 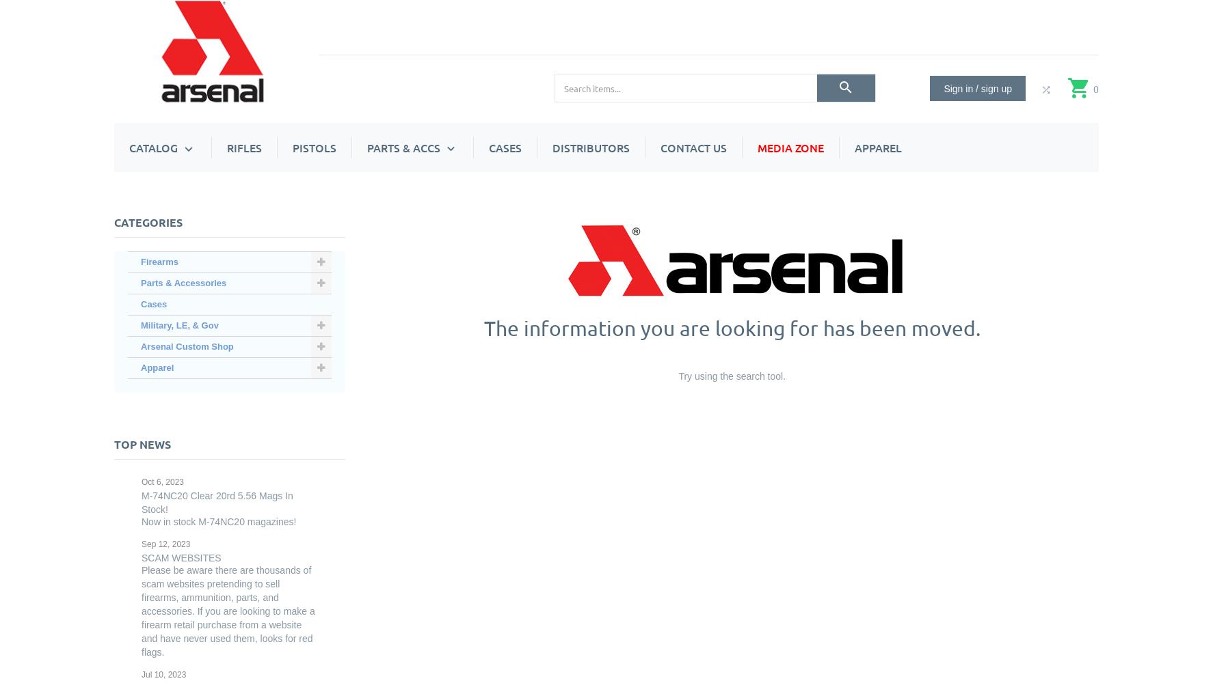 I want to click on 'SA RPK Series', so click(x=280, y=544).